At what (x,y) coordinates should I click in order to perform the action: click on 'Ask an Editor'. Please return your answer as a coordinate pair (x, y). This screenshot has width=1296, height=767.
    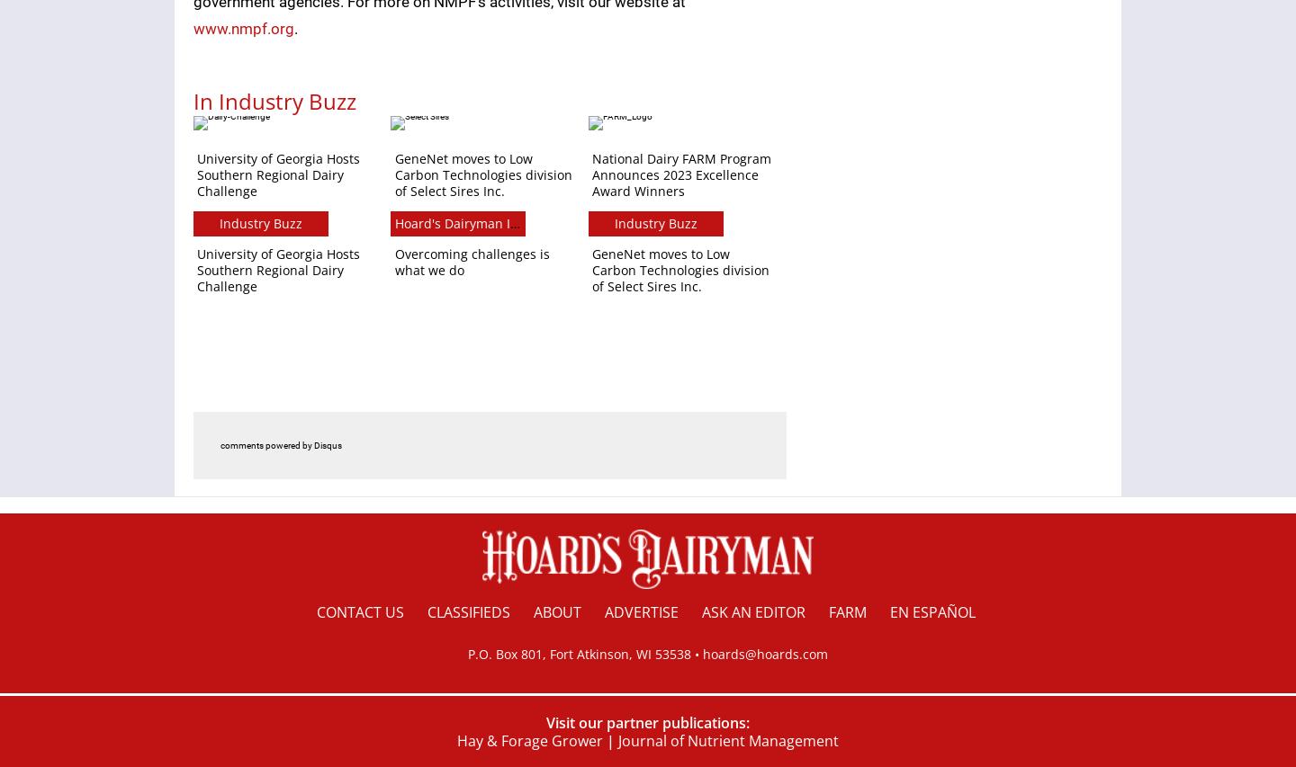
    Looking at the image, I should click on (753, 611).